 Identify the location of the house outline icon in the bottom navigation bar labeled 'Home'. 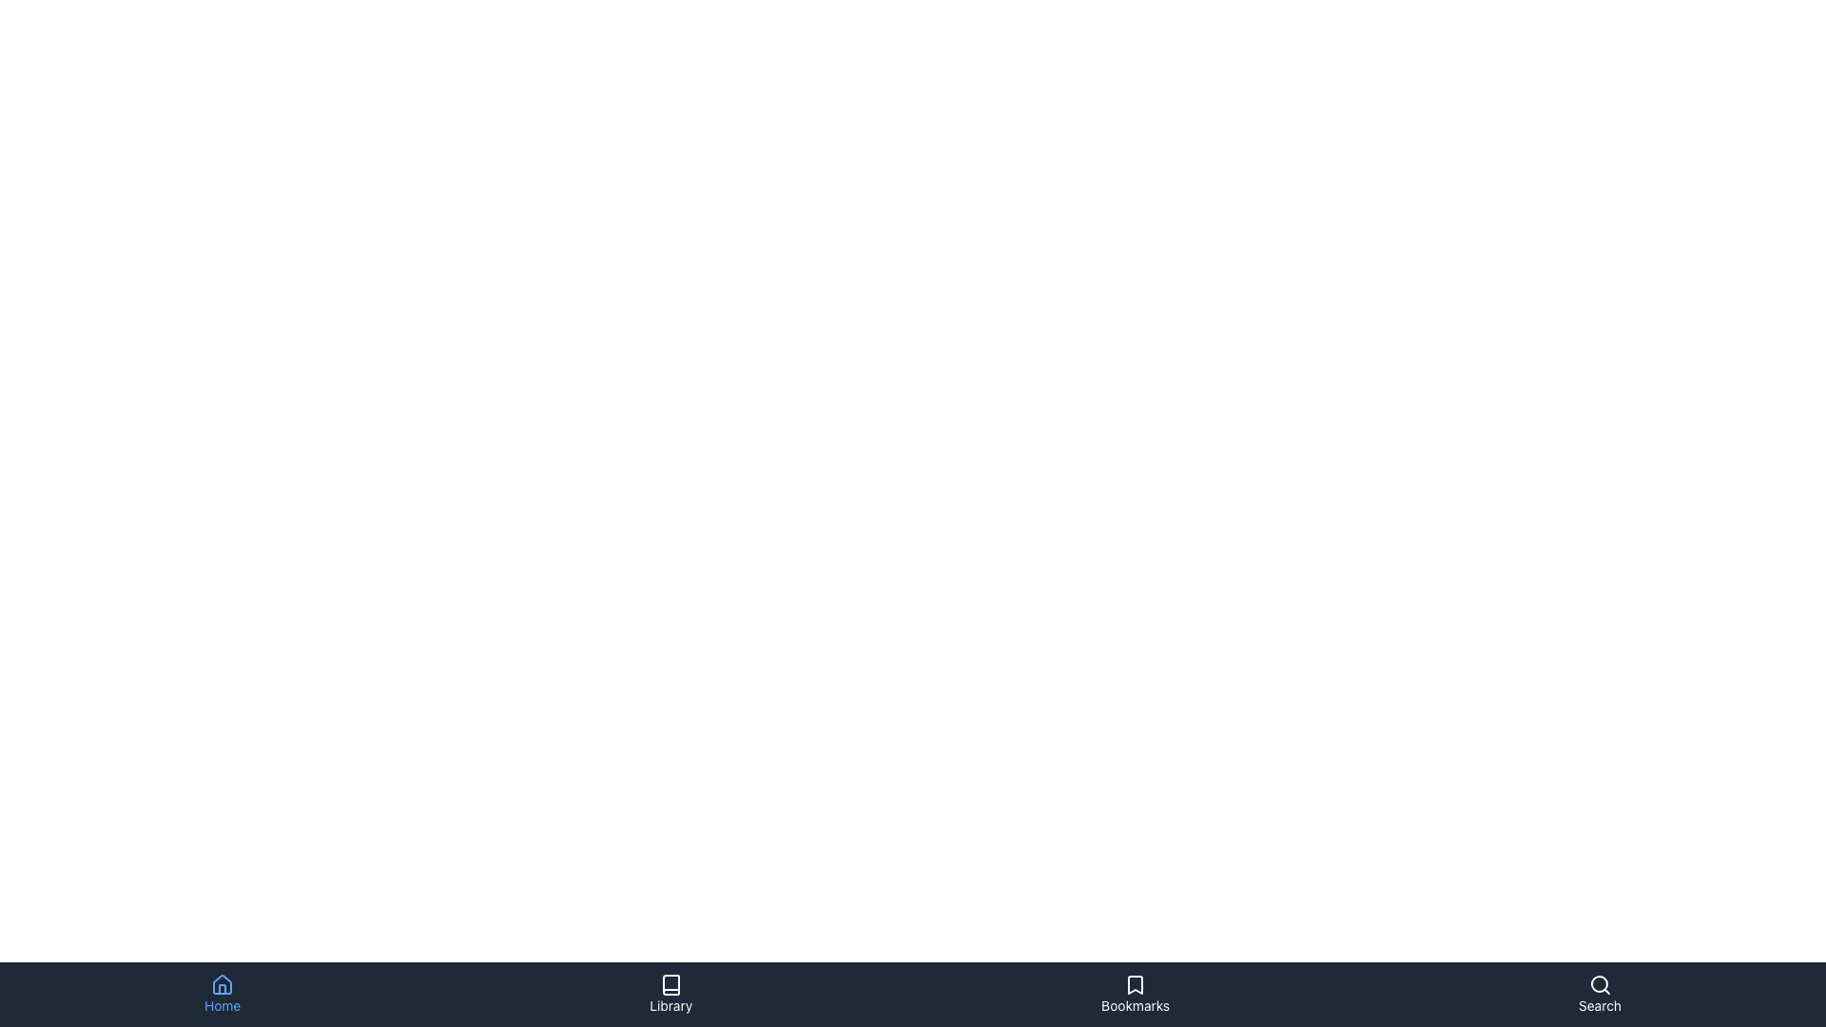
(223, 984).